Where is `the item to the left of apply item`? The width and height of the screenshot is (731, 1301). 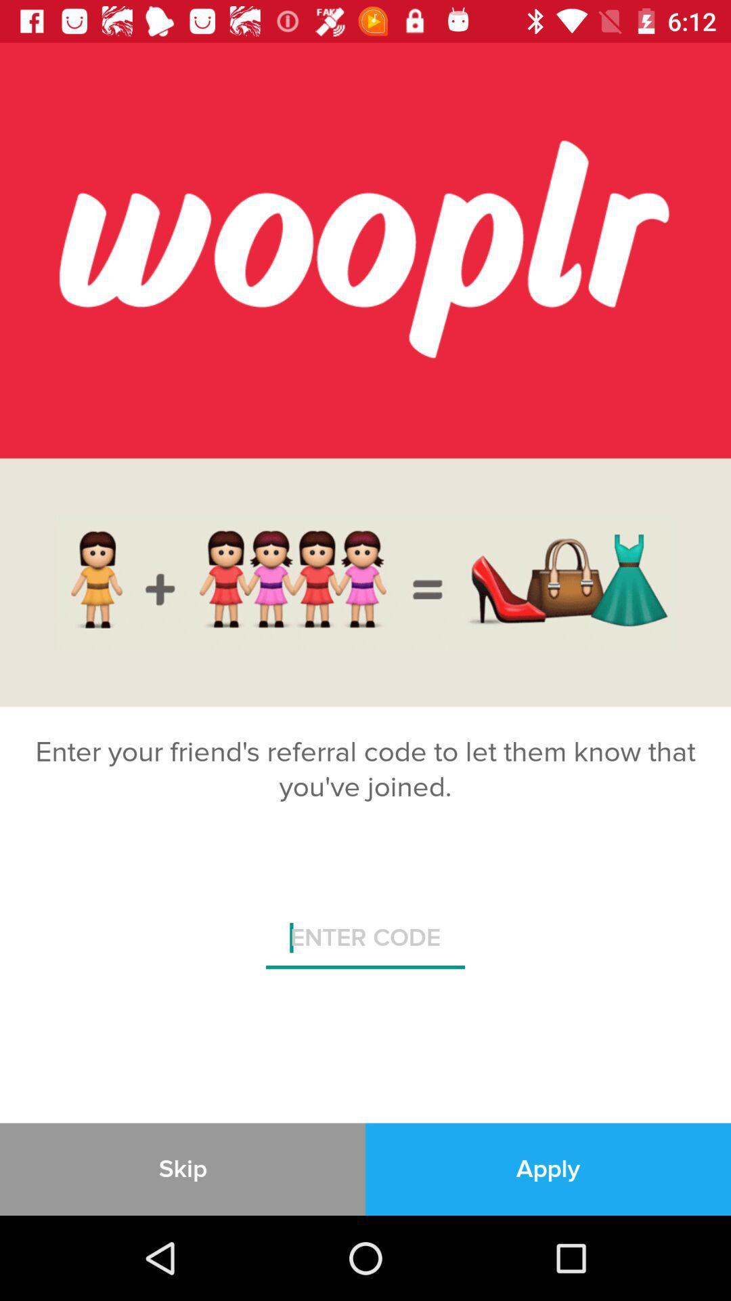 the item to the left of apply item is located at coordinates (183, 1168).